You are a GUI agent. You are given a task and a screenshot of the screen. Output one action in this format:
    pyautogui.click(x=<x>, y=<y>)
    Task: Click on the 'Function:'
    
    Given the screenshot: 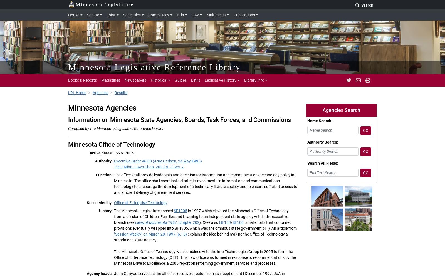 What is the action you would take?
    pyautogui.click(x=104, y=175)
    